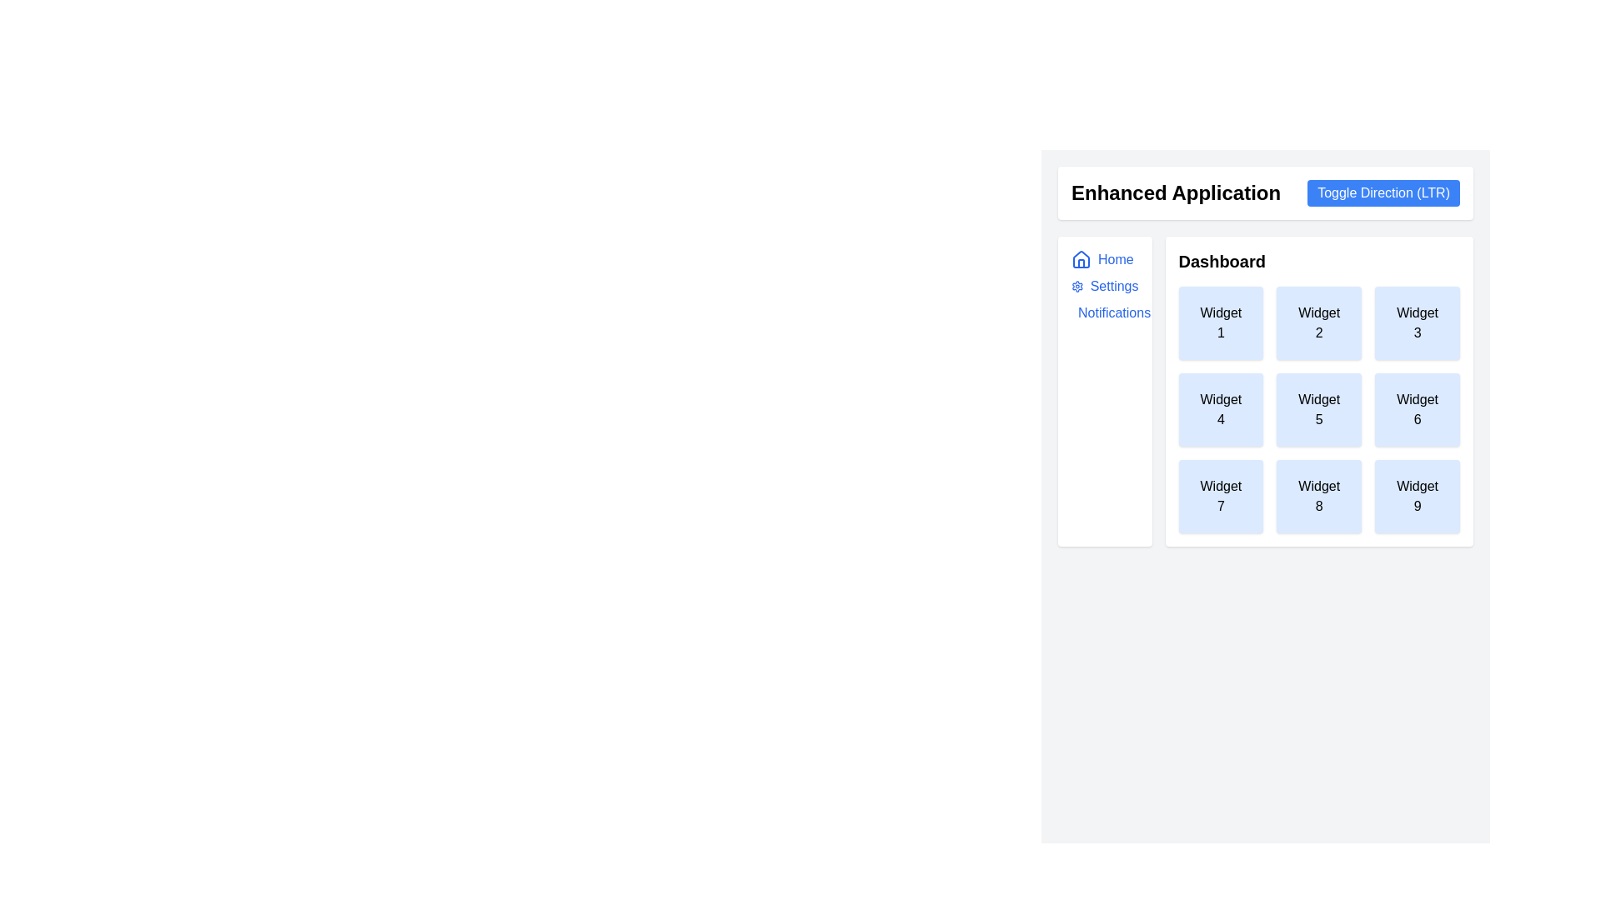 Image resolution: width=1601 pixels, height=900 pixels. What do you see at coordinates (1114, 312) in the screenshot?
I see `the 'Notifications' text-based hyperlink` at bounding box center [1114, 312].